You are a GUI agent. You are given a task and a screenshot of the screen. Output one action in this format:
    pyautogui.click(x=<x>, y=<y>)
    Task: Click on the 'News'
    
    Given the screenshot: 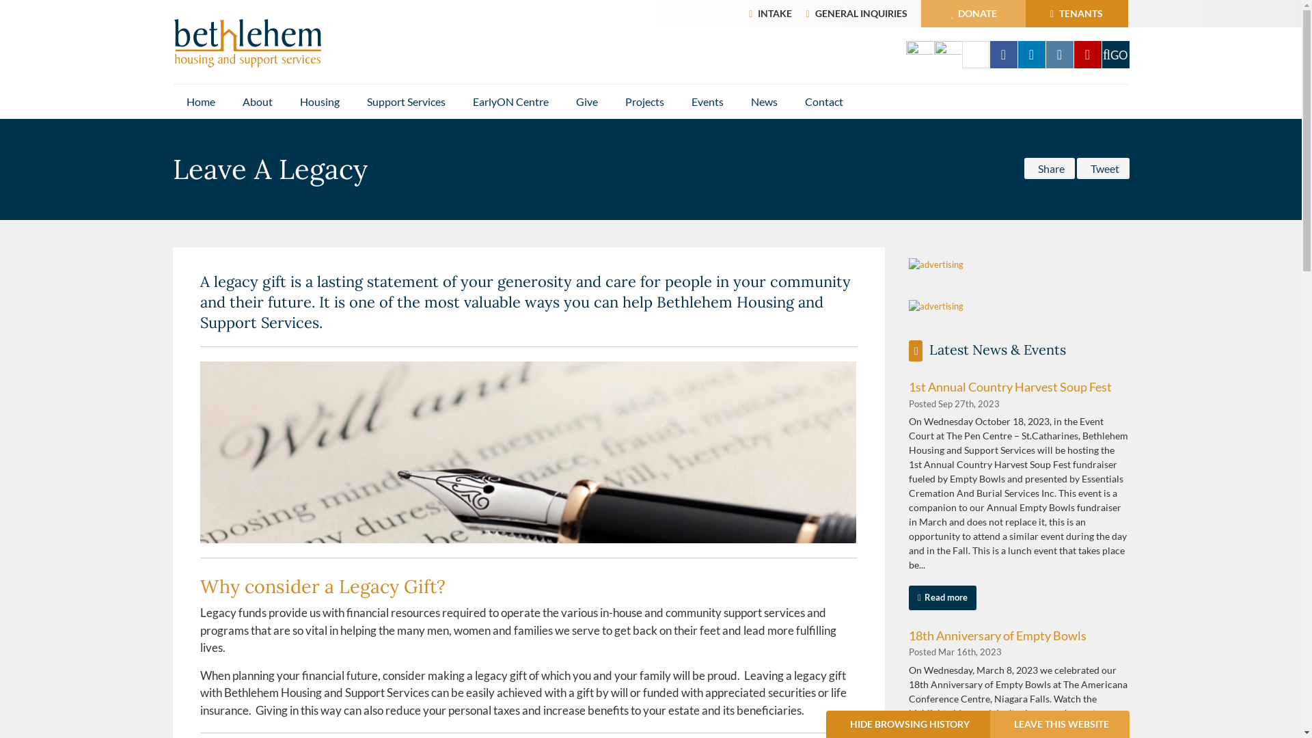 What is the action you would take?
    pyautogui.click(x=763, y=101)
    